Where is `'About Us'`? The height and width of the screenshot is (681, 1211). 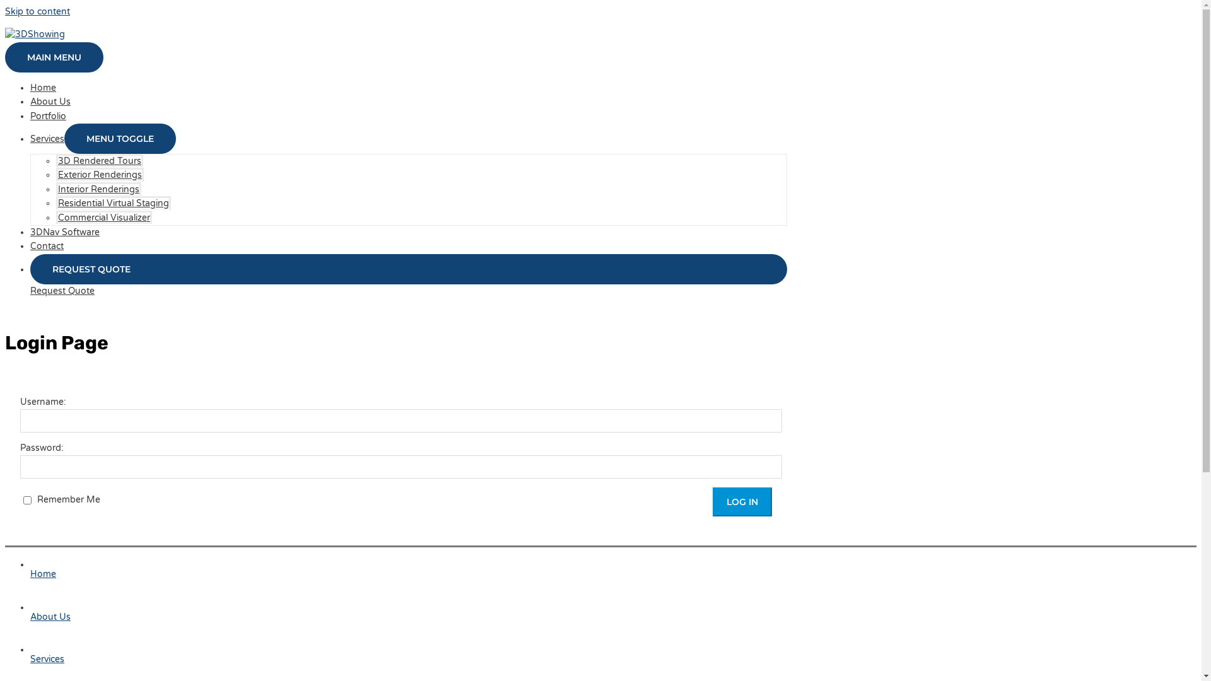 'About Us' is located at coordinates (50, 101).